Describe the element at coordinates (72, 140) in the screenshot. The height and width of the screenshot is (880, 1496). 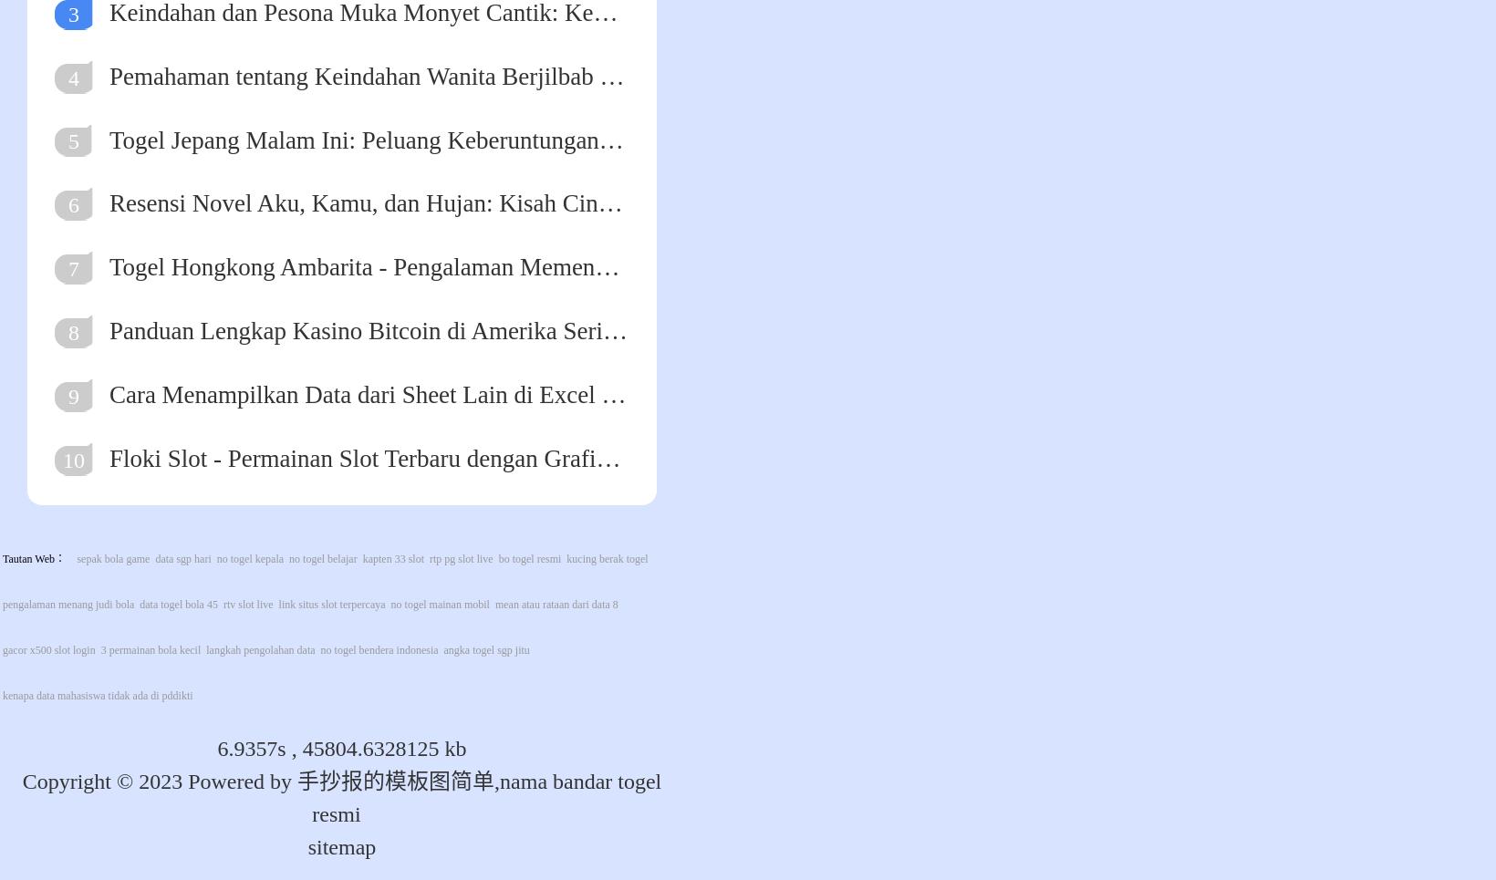
I see `'5'` at that location.